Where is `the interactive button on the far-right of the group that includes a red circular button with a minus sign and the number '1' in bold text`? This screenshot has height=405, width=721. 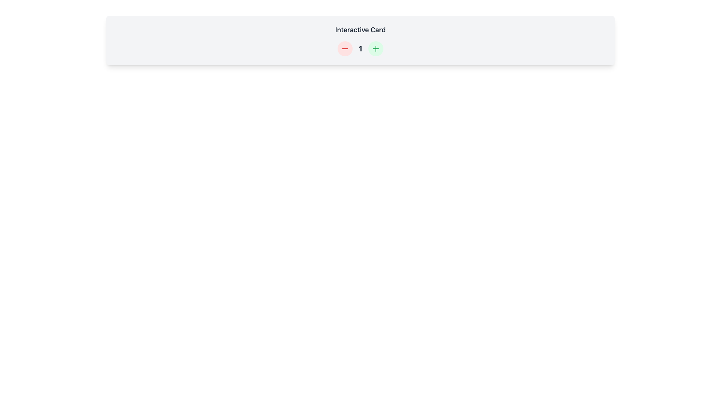 the interactive button on the far-right of the group that includes a red circular button with a minus sign and the number '1' in bold text is located at coordinates (376, 49).